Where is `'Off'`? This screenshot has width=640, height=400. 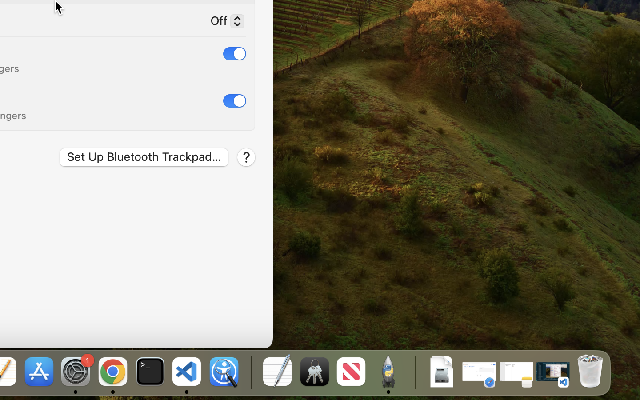
'Off' is located at coordinates (223, 22).